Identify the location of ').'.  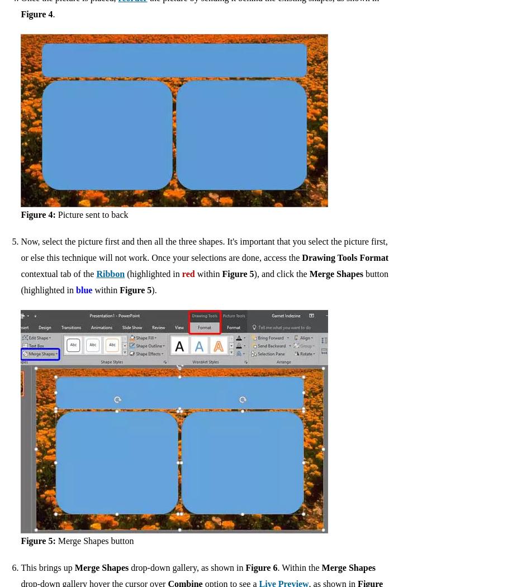
(153, 289).